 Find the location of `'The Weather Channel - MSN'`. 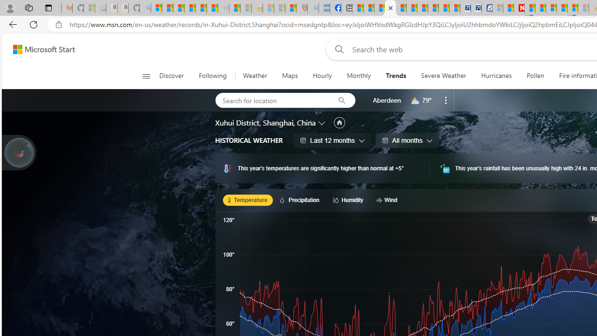

'The Weather Channel - MSN' is located at coordinates (179, 8).